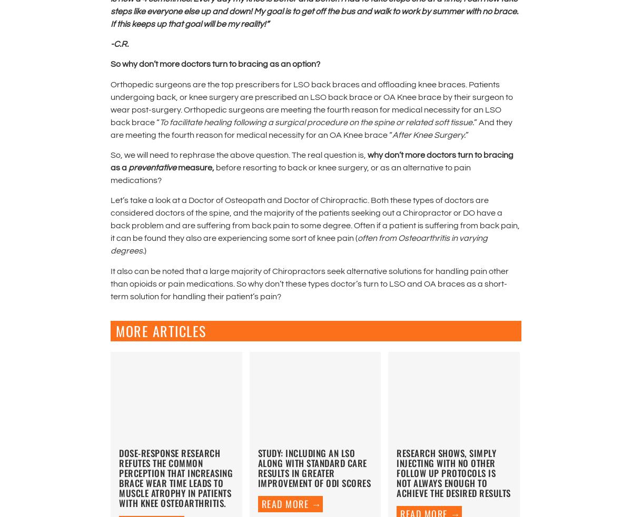  Describe the element at coordinates (119, 43) in the screenshot. I see `'-C.R.'` at that location.